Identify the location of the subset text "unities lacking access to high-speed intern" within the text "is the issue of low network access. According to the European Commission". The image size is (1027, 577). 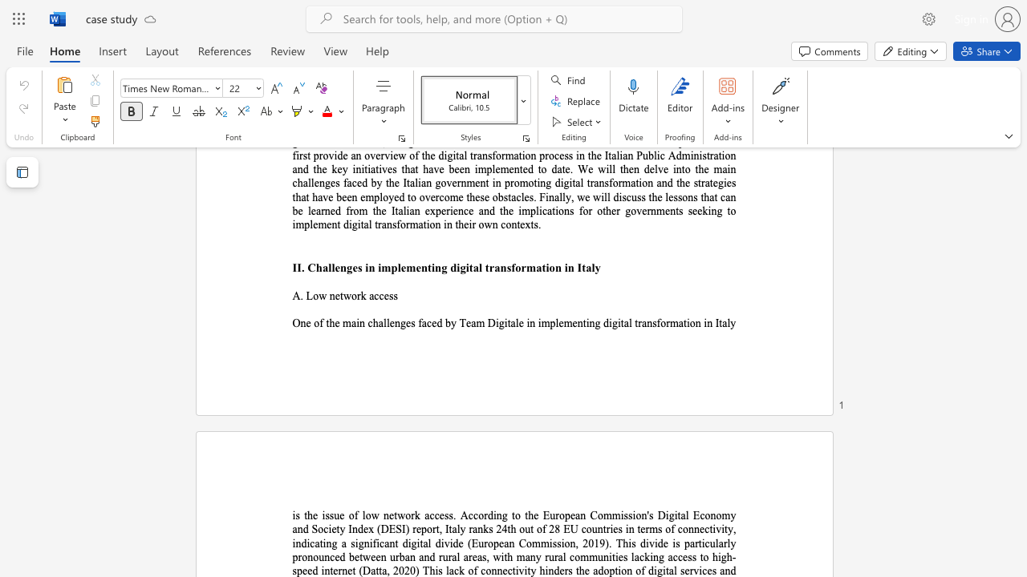
(597, 556).